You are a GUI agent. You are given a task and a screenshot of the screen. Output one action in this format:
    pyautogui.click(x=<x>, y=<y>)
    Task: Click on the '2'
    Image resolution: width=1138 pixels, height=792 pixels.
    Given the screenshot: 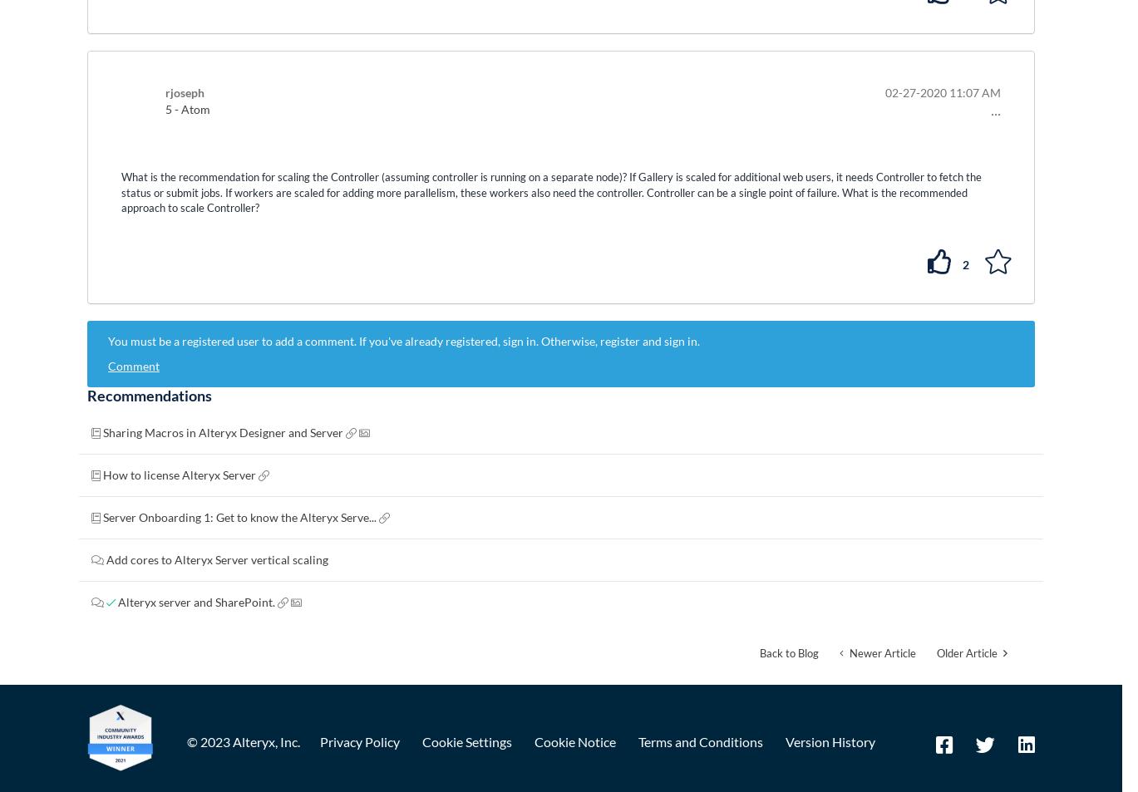 What is the action you would take?
    pyautogui.click(x=962, y=263)
    